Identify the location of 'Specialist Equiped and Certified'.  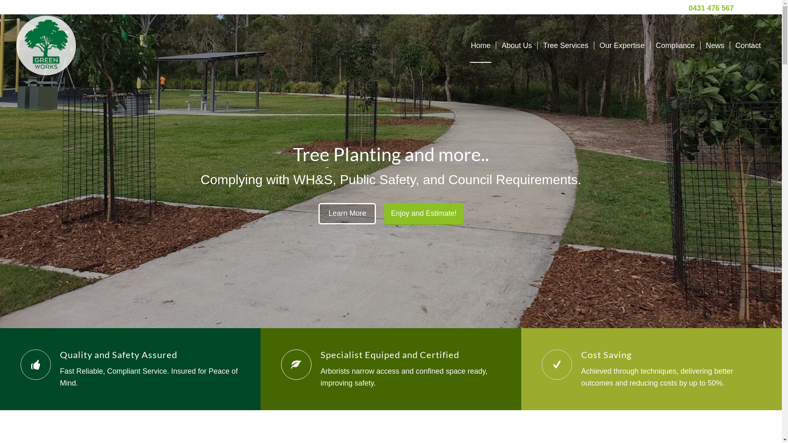
(389, 354).